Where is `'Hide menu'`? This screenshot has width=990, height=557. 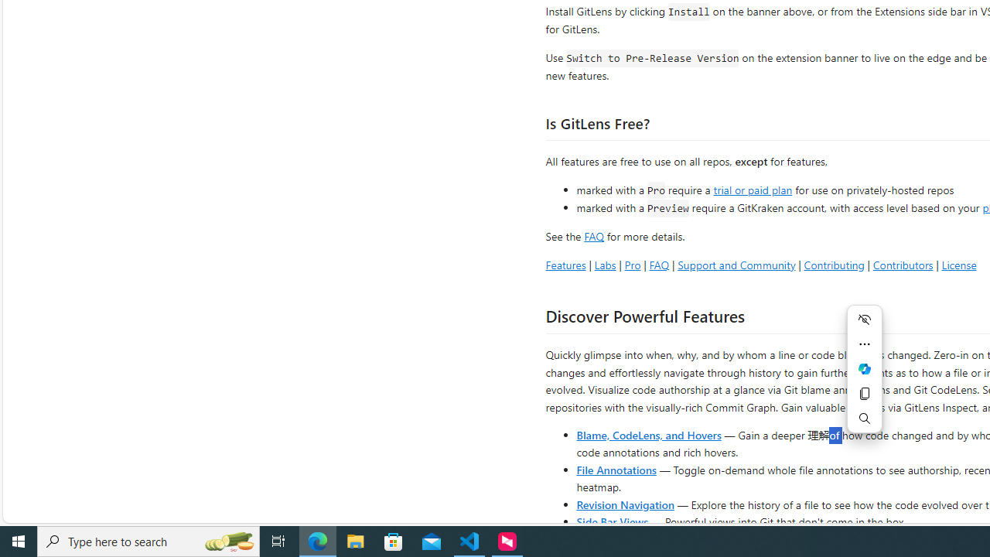
'Hide menu' is located at coordinates (864, 318).